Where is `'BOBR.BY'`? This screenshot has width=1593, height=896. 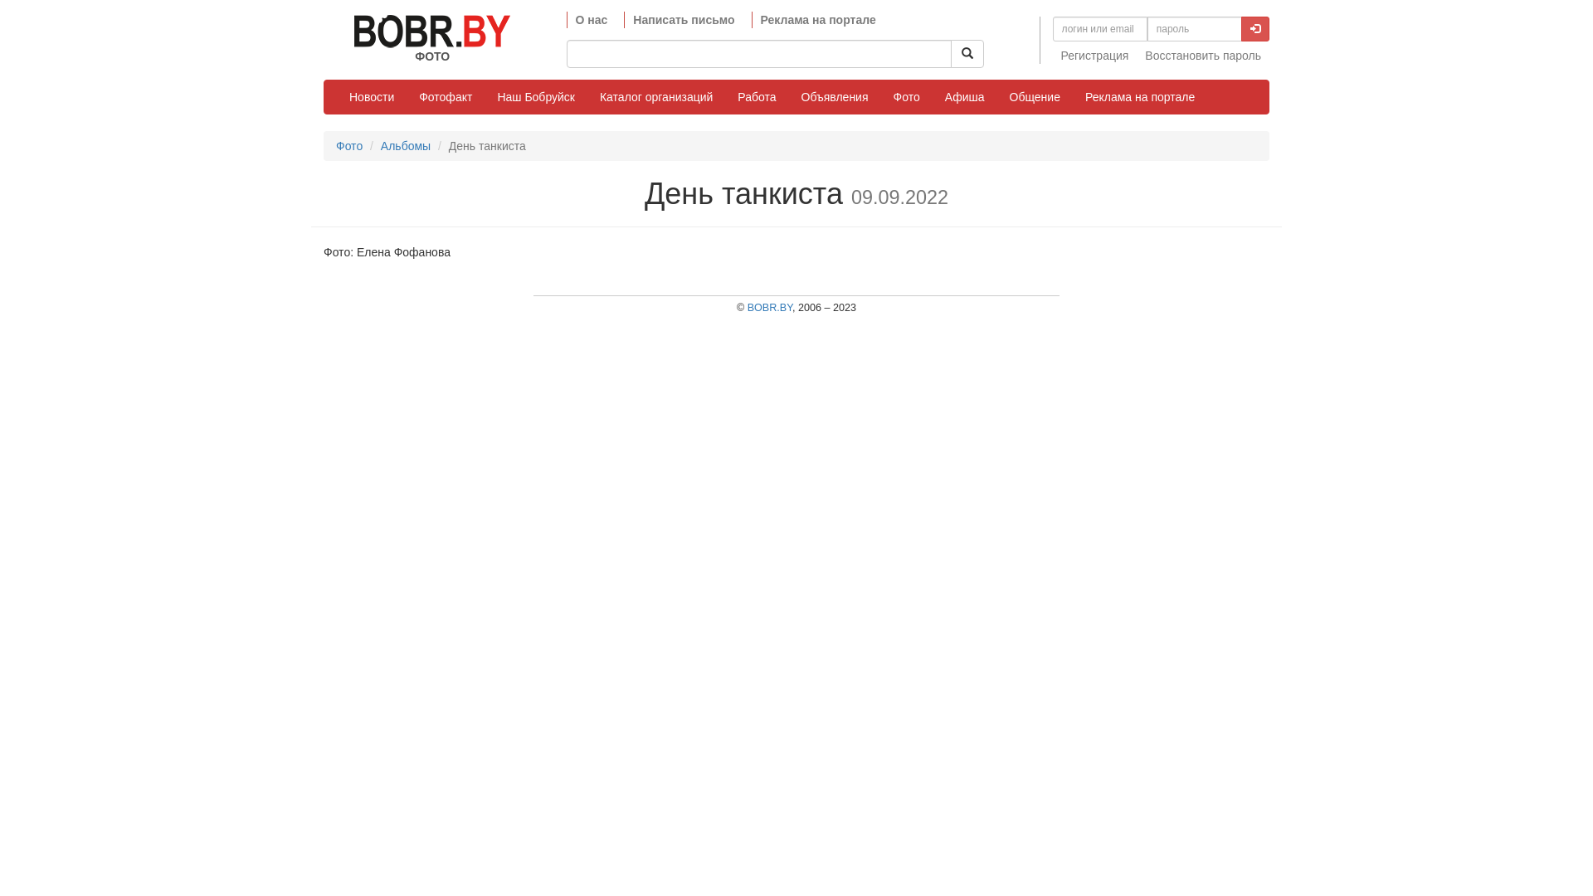
'BOBR.BY' is located at coordinates (768, 307).